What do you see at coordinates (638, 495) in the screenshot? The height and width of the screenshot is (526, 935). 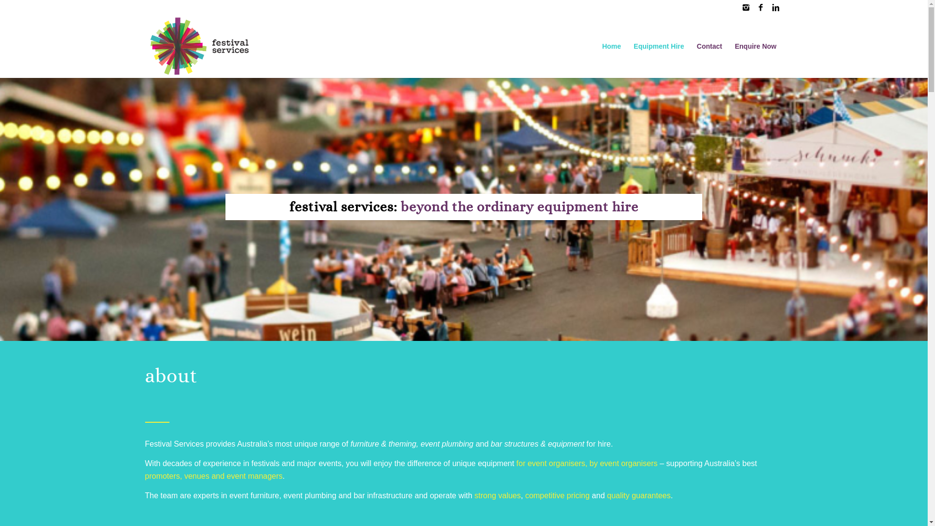 I see `'quality guarantees'` at bounding box center [638, 495].